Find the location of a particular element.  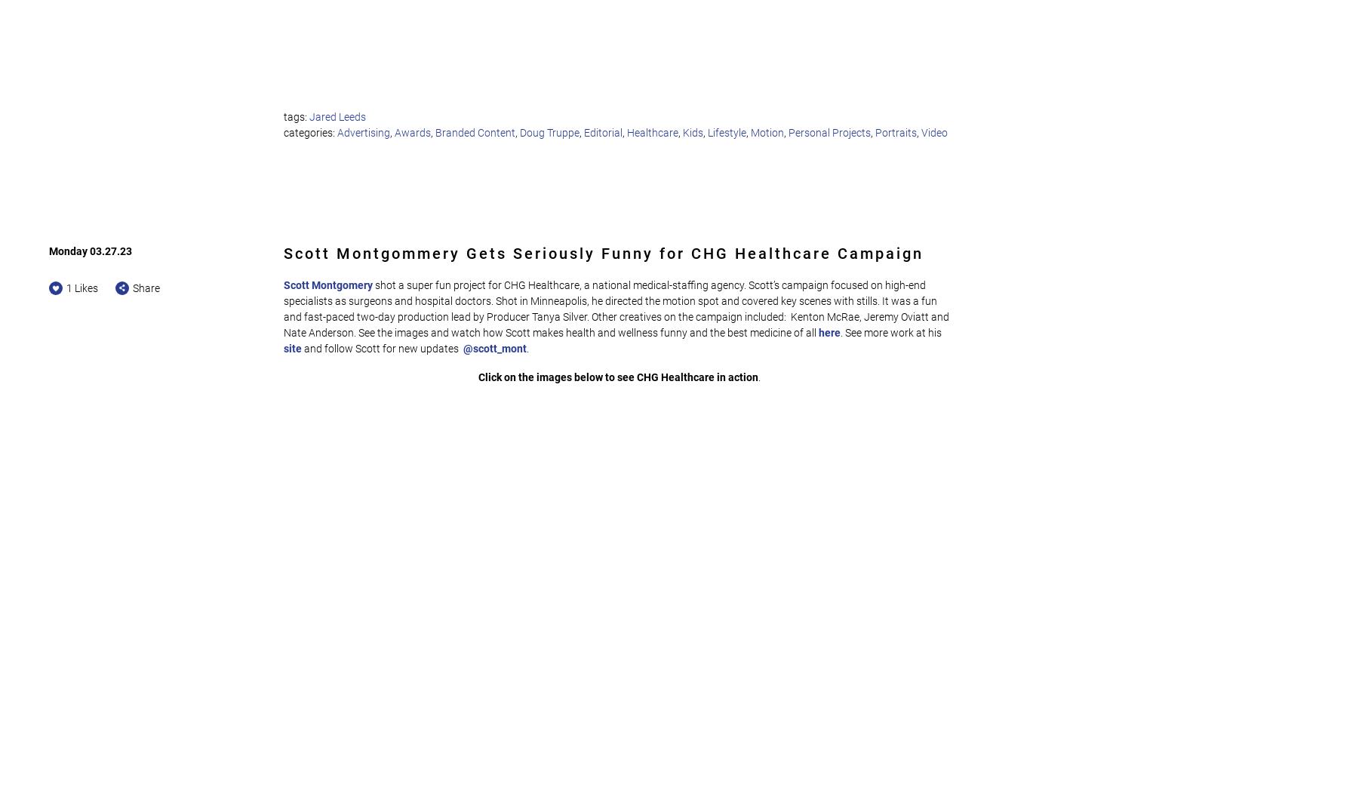

'and follow Scott for new updates' is located at coordinates (383, 346).